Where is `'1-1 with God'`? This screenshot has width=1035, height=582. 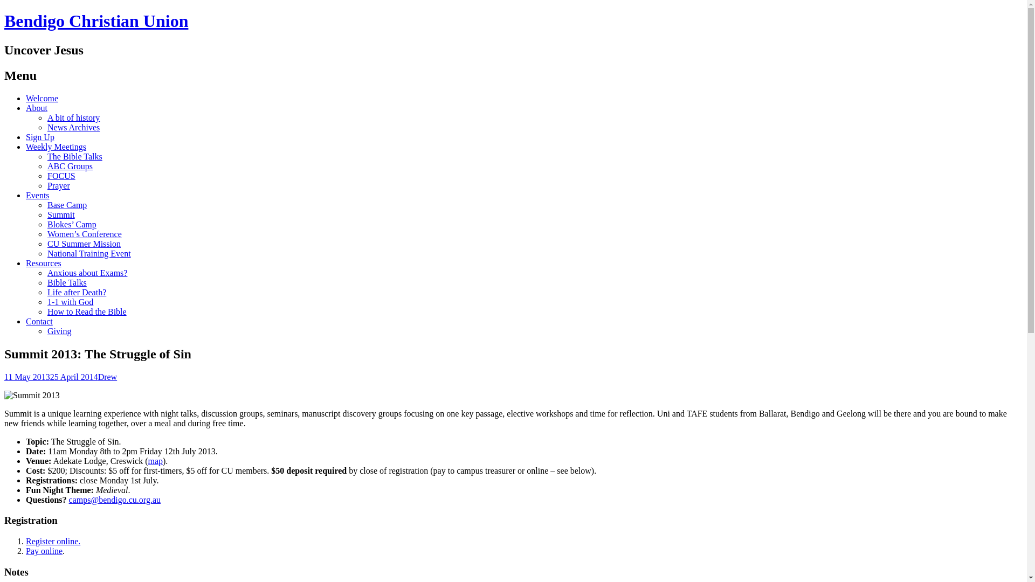
'1-1 with God' is located at coordinates (70, 302).